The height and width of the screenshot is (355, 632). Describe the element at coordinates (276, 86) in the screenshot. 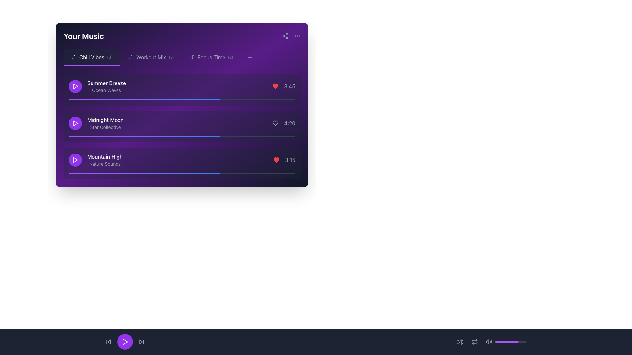

I see `the heart icon at the bottom of the track list in the music player section` at that location.